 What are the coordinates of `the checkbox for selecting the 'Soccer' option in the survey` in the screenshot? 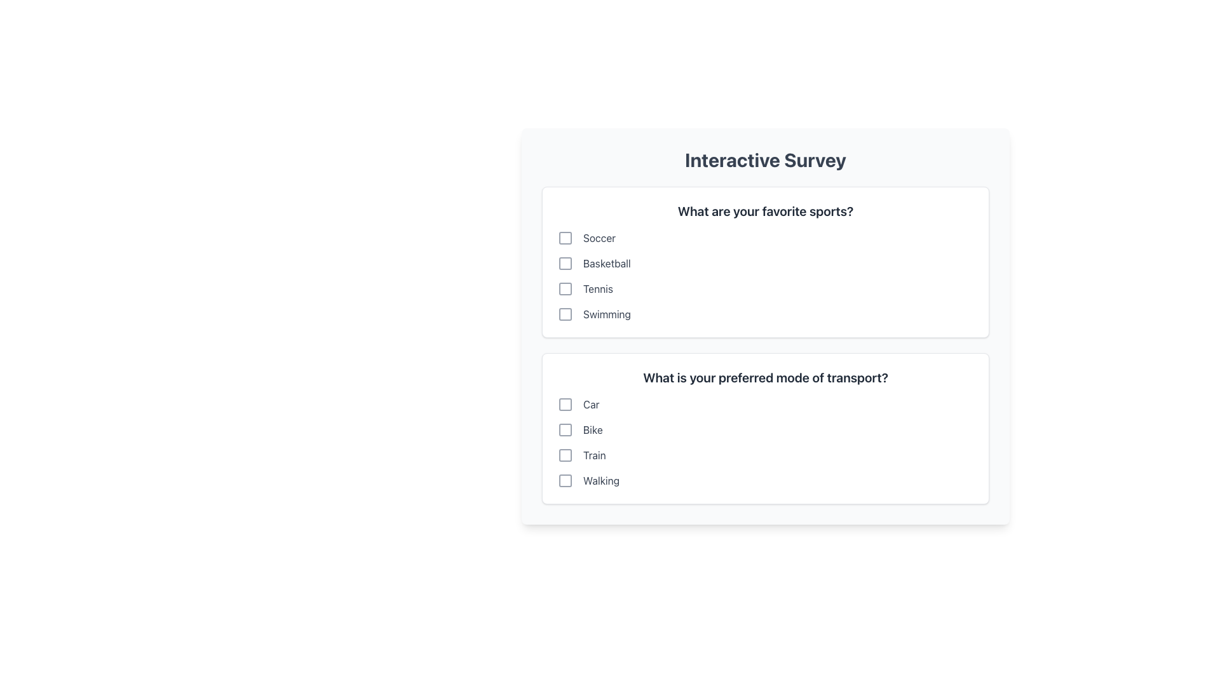 It's located at (564, 238).